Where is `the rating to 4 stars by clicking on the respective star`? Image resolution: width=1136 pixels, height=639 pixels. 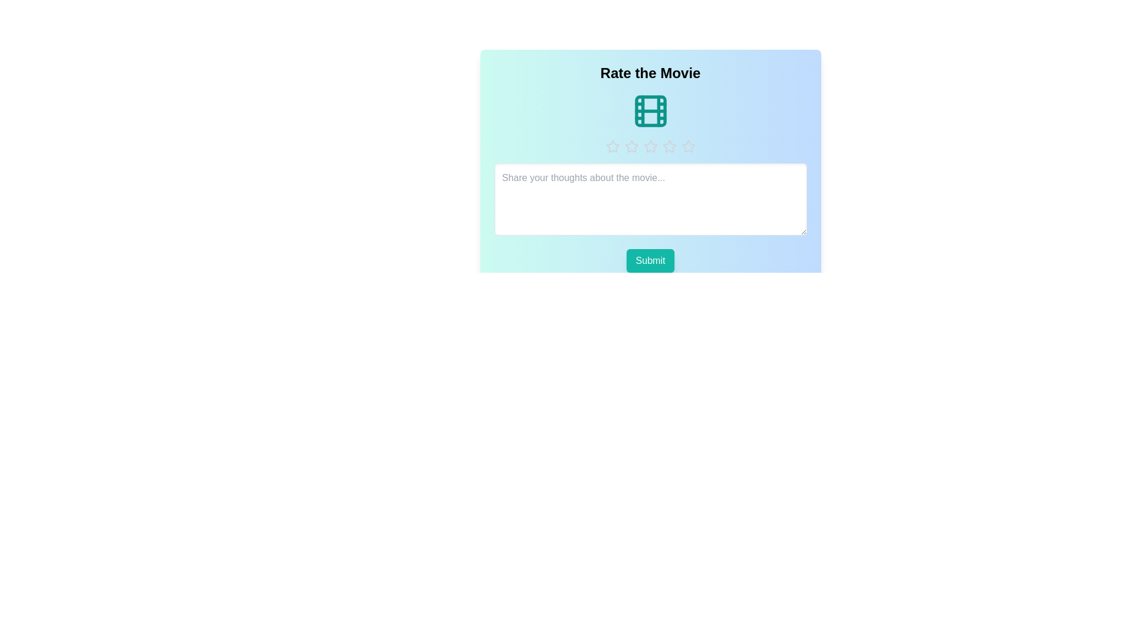
the rating to 4 stars by clicking on the respective star is located at coordinates (669, 146).